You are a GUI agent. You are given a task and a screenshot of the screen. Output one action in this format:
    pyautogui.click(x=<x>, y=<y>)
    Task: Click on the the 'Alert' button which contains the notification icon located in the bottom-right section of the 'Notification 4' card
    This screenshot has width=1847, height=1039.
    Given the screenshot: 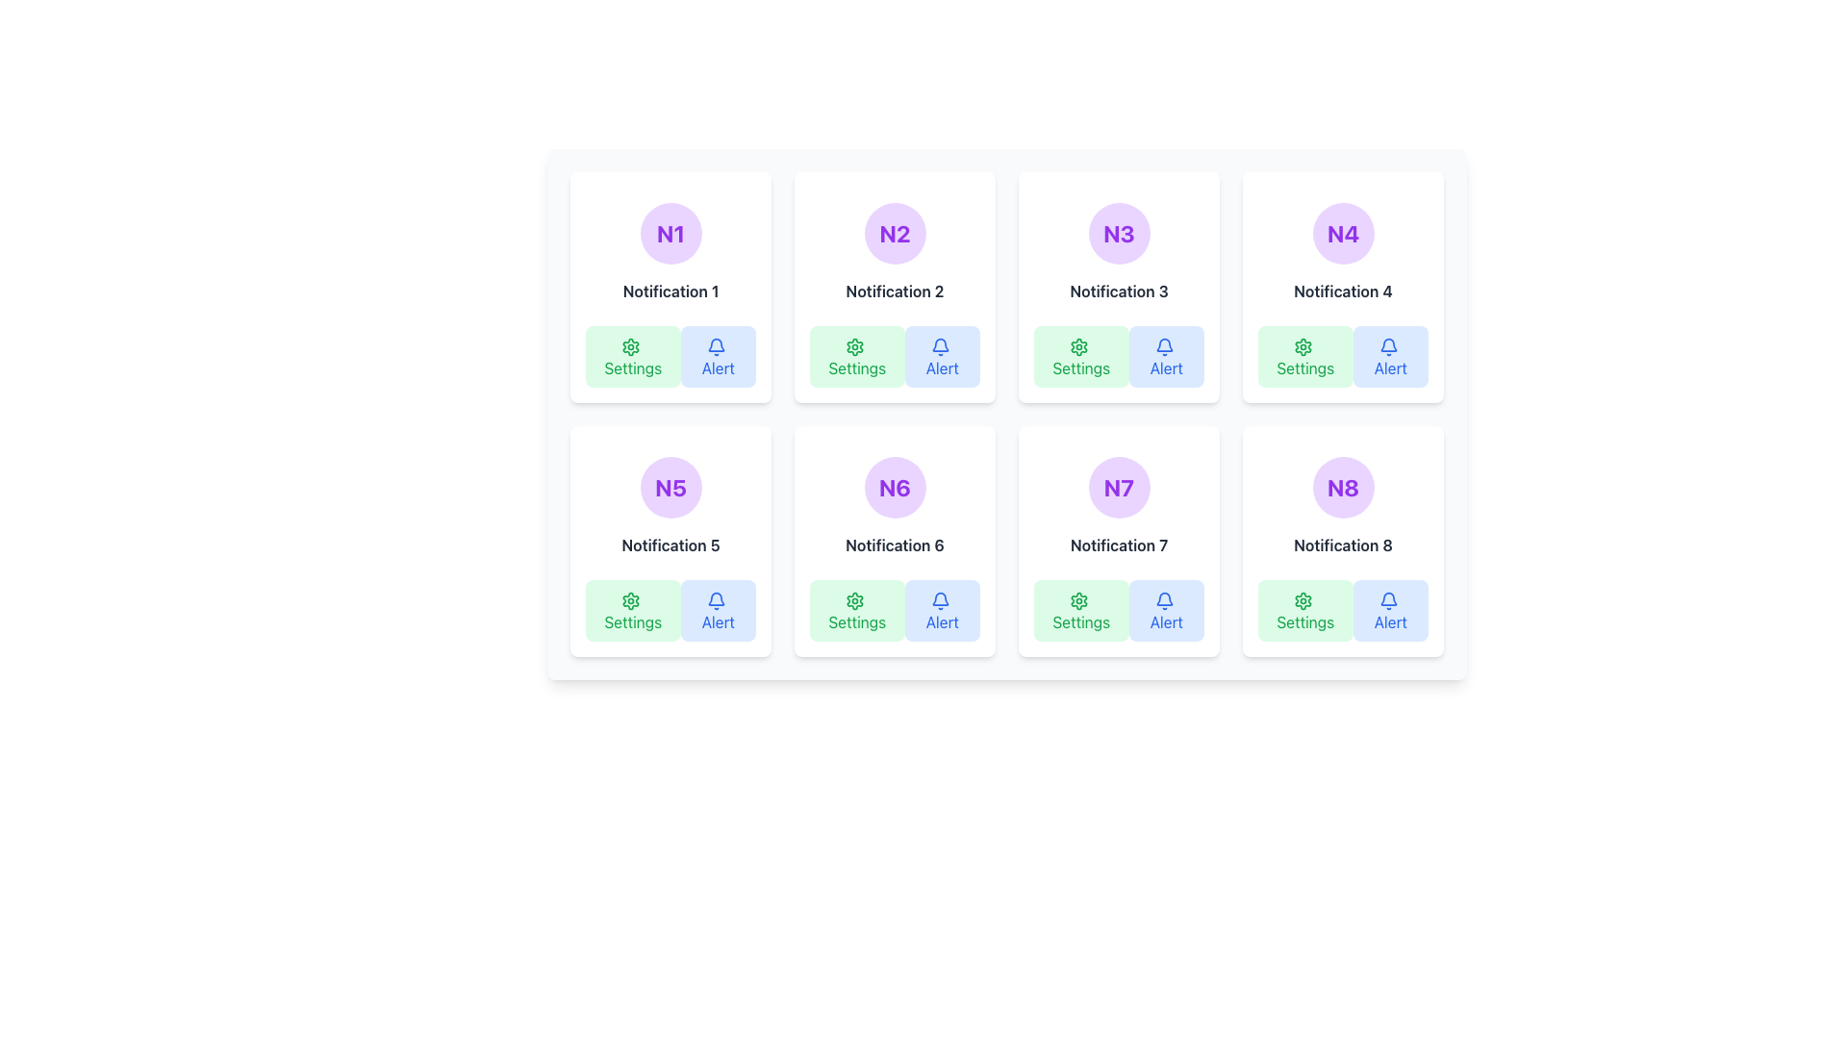 What is the action you would take?
    pyautogui.click(x=1388, y=346)
    